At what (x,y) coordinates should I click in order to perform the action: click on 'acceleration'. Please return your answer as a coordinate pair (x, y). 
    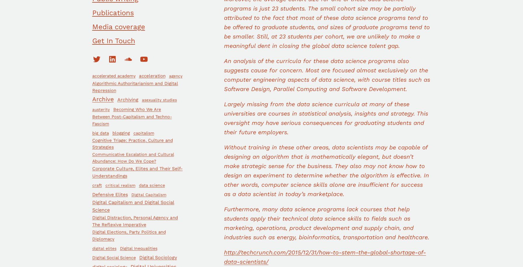
    Looking at the image, I should click on (152, 76).